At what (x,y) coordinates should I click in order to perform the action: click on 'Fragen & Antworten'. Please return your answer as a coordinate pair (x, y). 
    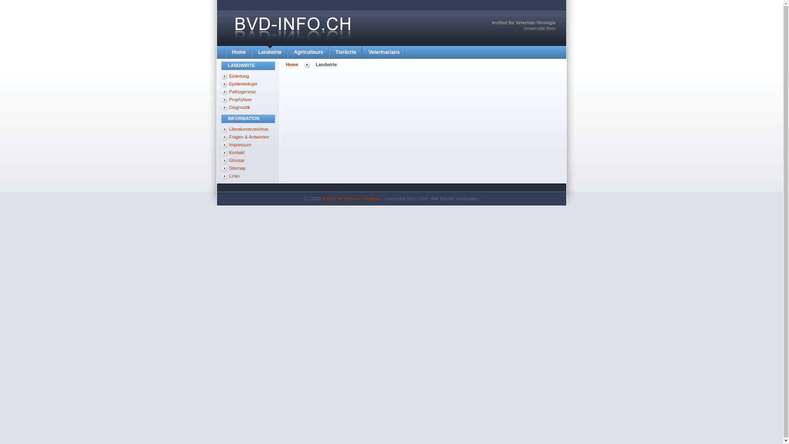
    Looking at the image, I should click on (248, 137).